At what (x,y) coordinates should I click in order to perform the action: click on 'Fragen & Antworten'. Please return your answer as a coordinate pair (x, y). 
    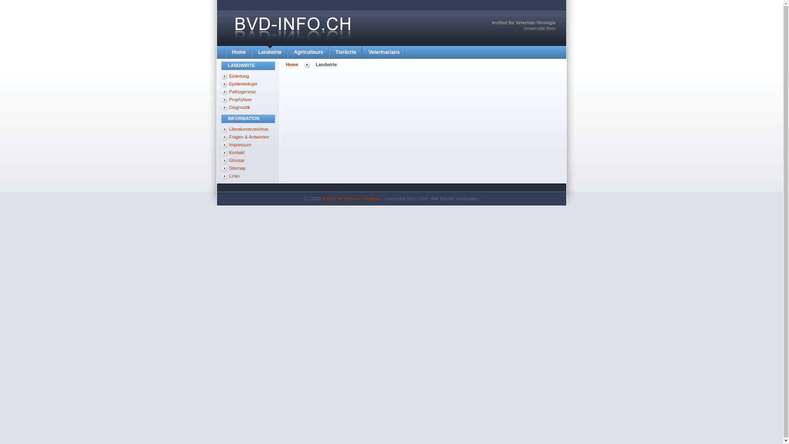
    Looking at the image, I should click on (248, 137).